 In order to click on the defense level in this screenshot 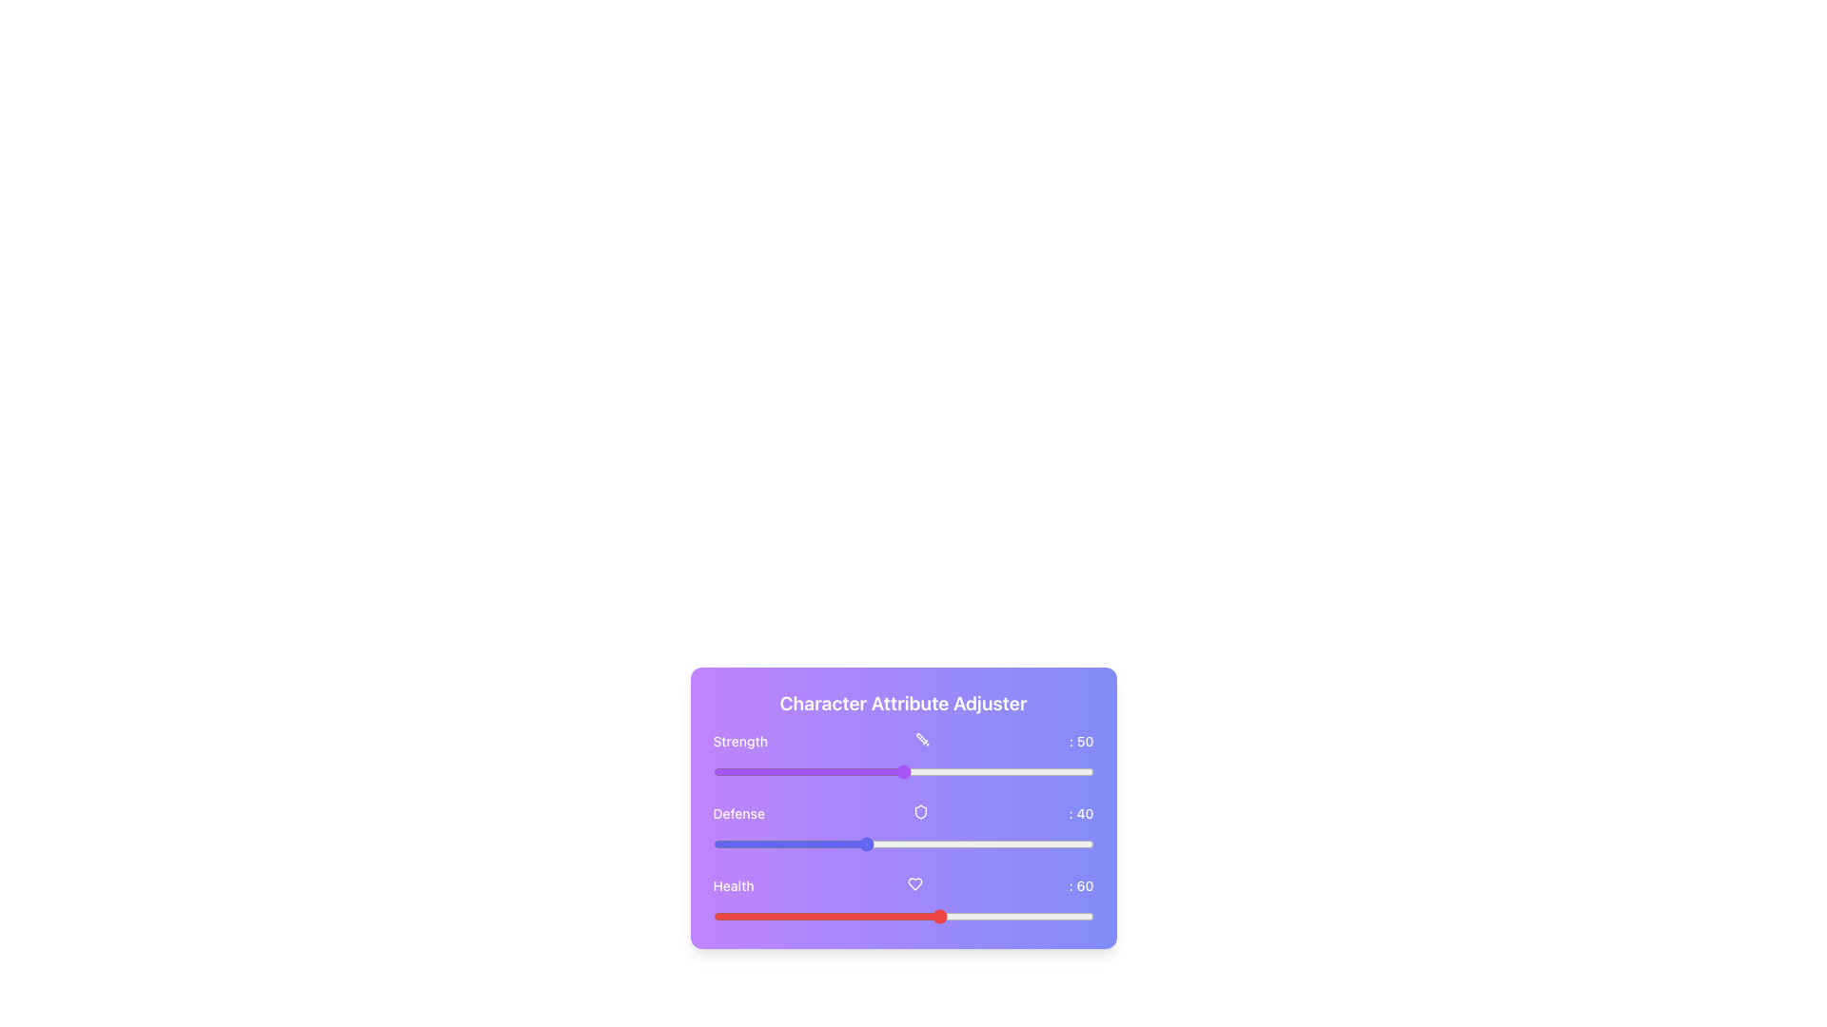, I will do `click(815, 843)`.